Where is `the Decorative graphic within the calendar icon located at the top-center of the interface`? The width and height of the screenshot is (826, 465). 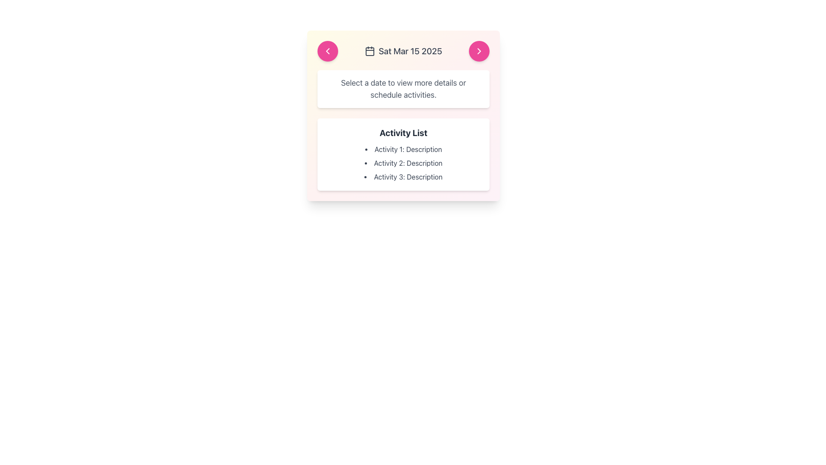
the Decorative graphic within the calendar icon located at the top-center of the interface is located at coordinates (370, 51).